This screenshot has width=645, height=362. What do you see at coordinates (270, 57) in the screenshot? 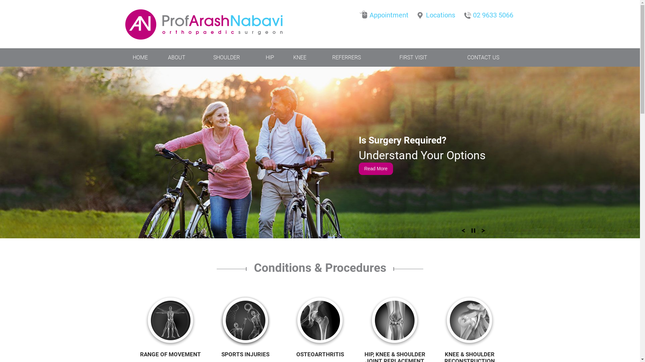
I see `'HIP'` at bounding box center [270, 57].